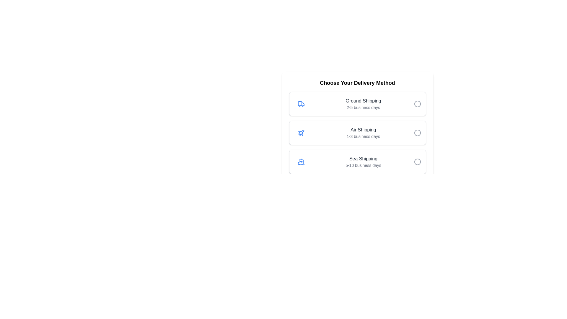 This screenshot has height=319, width=567. Describe the element at coordinates (301, 103) in the screenshot. I see `the blue truck-shaped icon located in the top-left area of the 'Ground Shipping' option block` at that location.